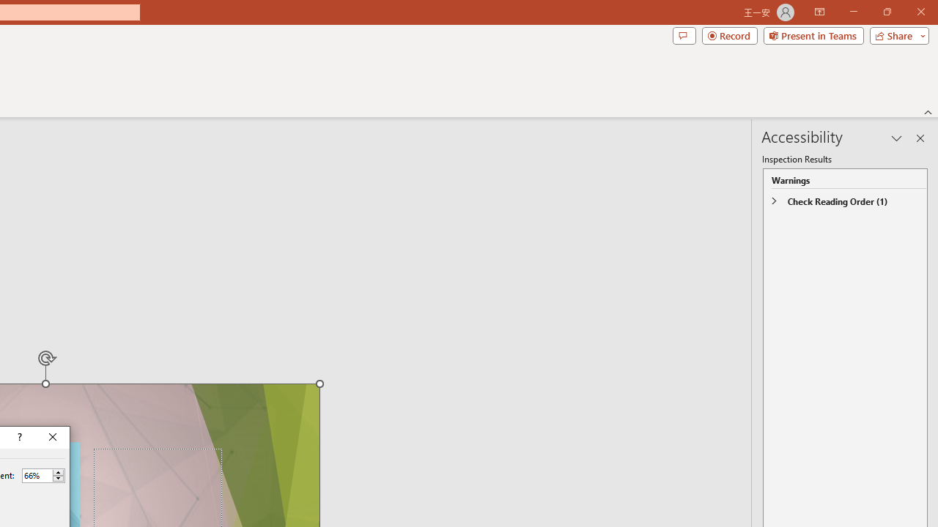 The width and height of the screenshot is (938, 527). Describe the element at coordinates (37, 475) in the screenshot. I see `'Percent'` at that location.